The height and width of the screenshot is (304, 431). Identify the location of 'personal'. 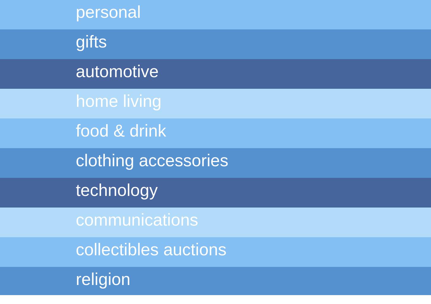
(108, 12).